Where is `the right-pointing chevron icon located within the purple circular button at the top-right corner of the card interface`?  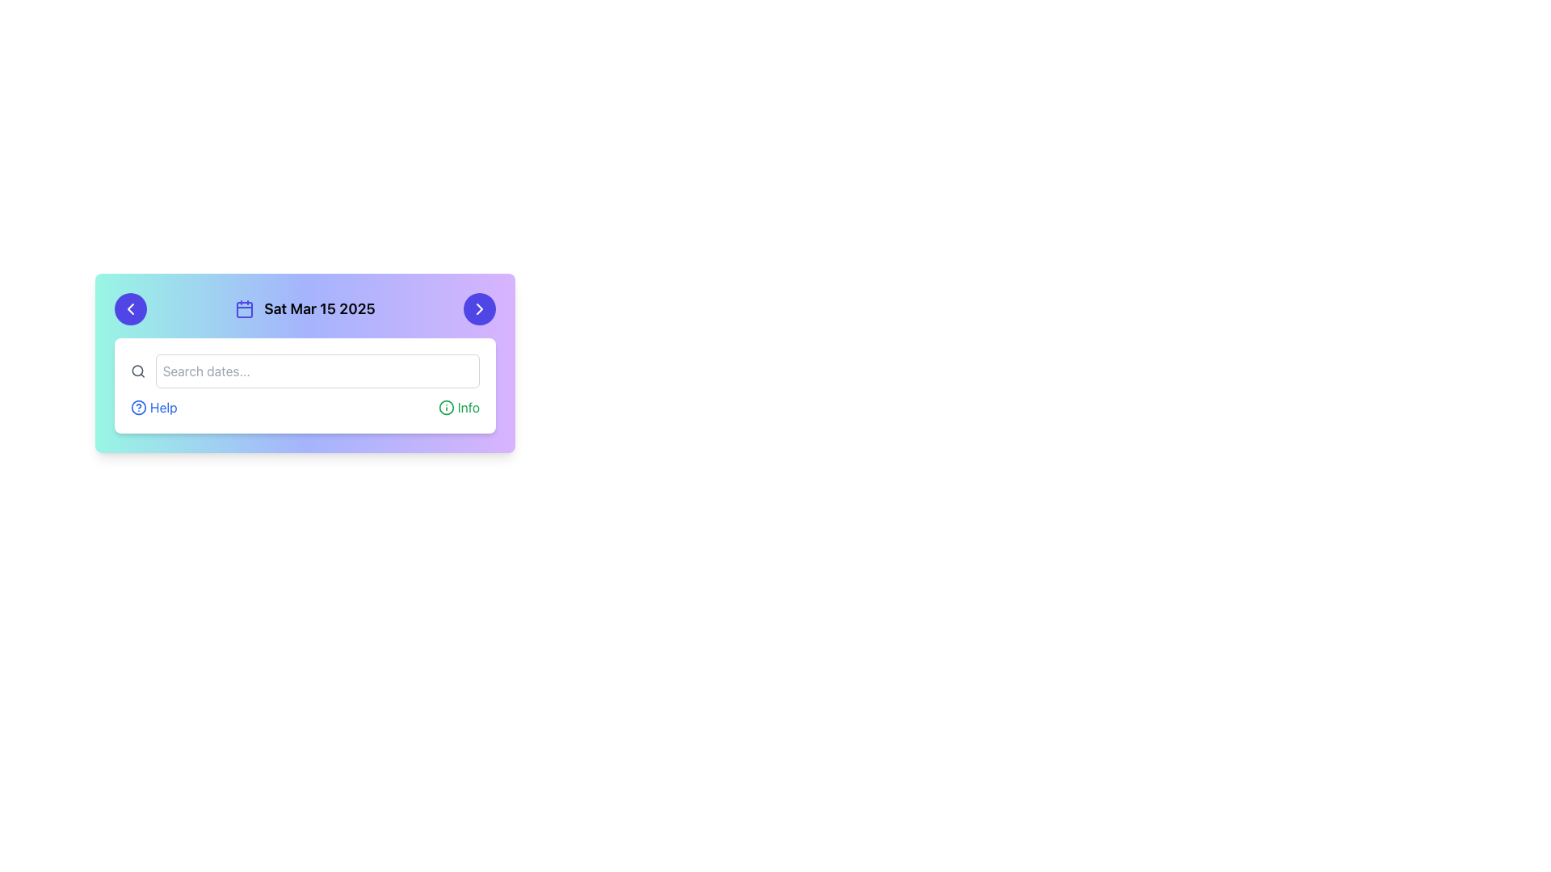
the right-pointing chevron icon located within the purple circular button at the top-right corner of the card interface is located at coordinates (479, 308).